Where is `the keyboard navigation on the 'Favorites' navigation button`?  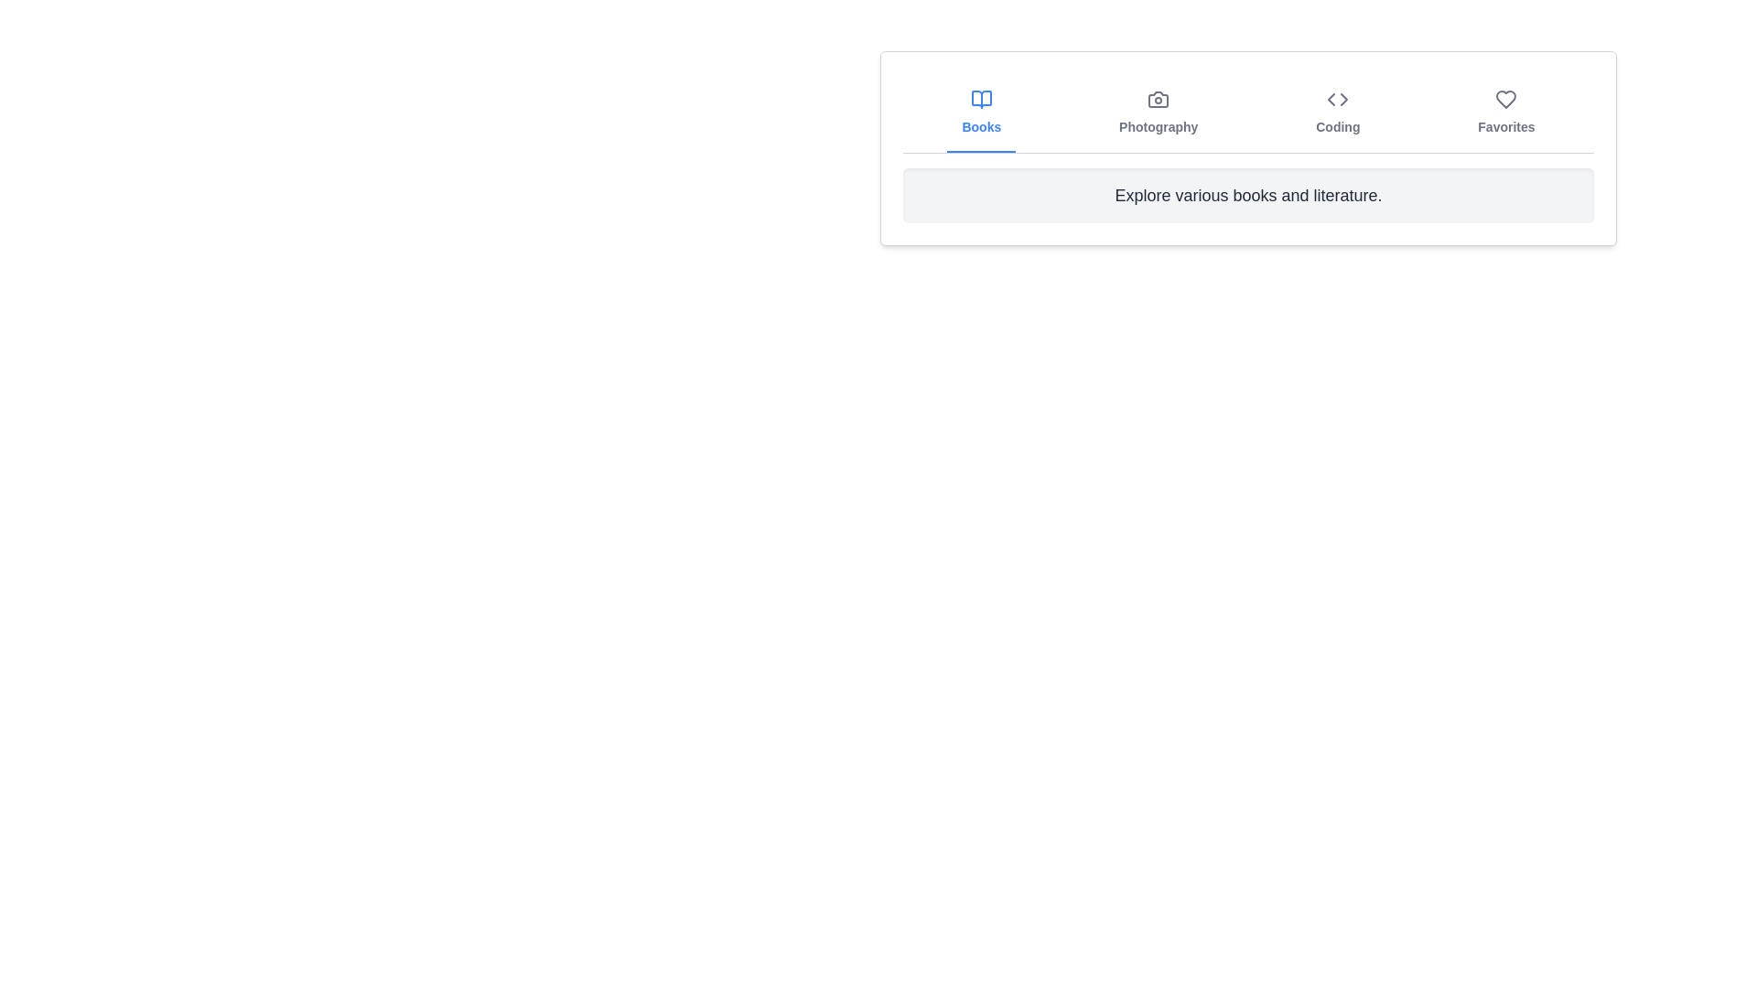
the keyboard navigation on the 'Favorites' navigation button is located at coordinates (1506, 113).